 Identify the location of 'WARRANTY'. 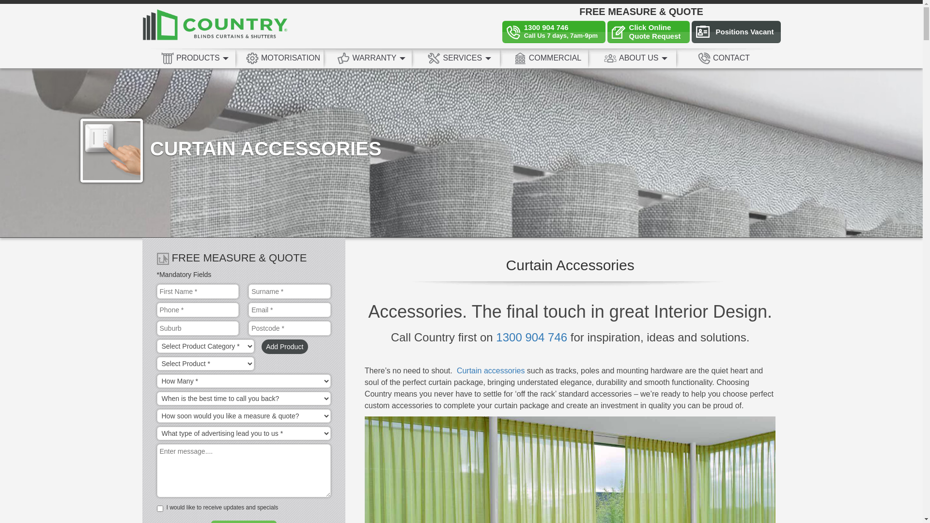
(371, 58).